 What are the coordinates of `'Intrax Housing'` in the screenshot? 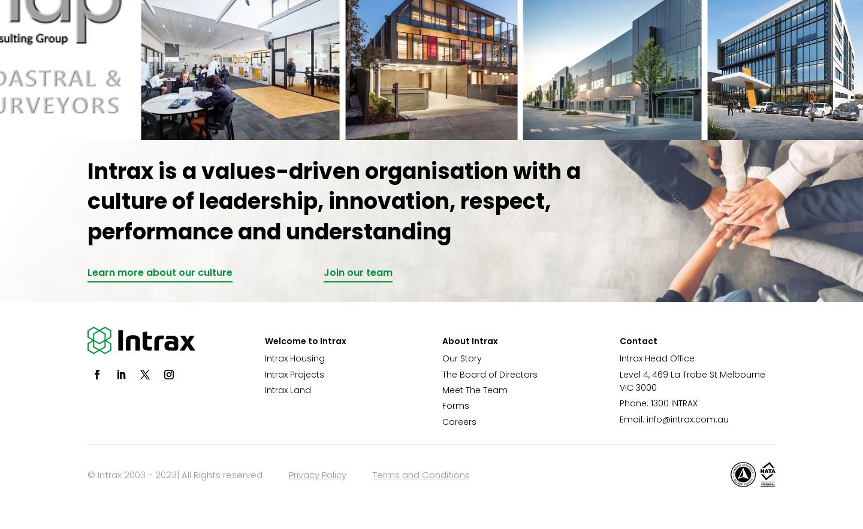 It's located at (294, 358).